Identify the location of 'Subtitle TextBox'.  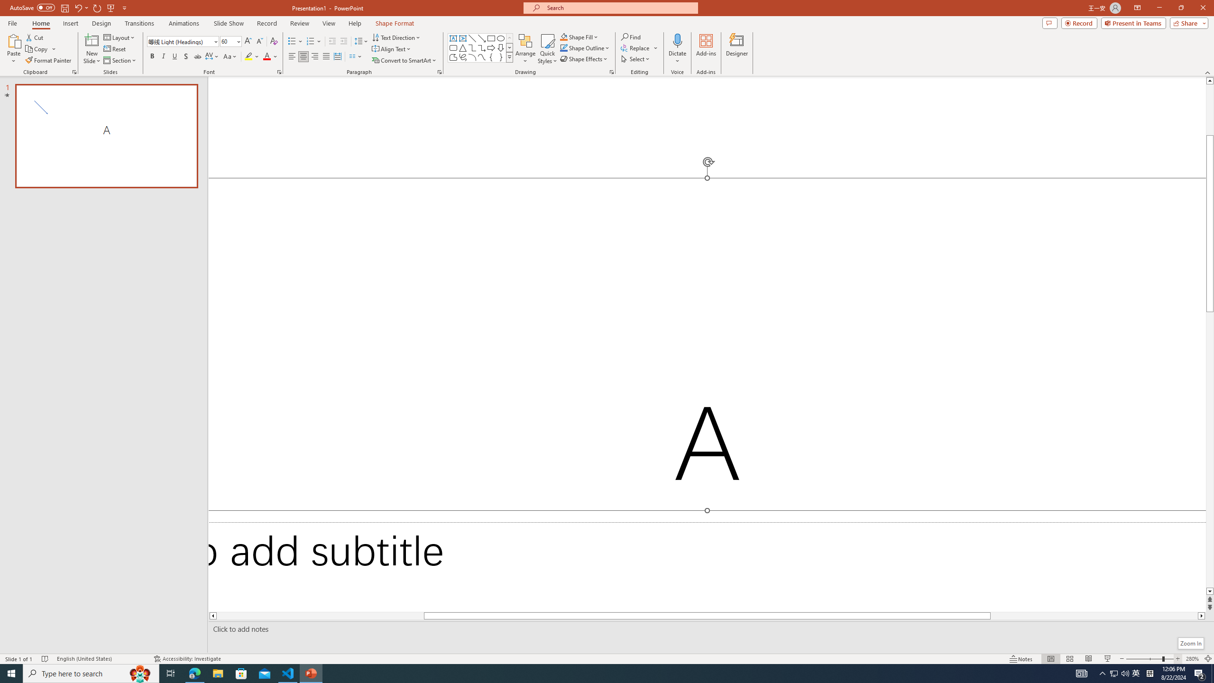
(707, 566).